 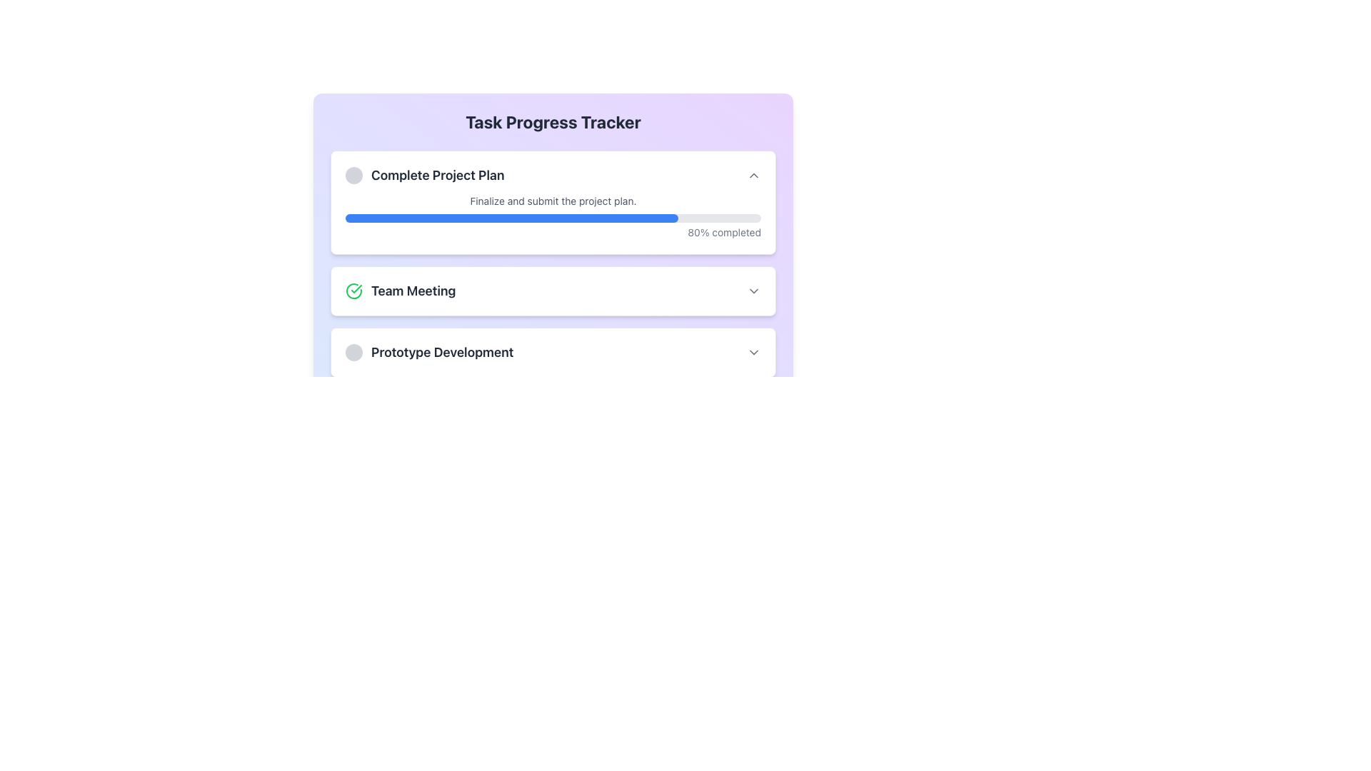 I want to click on the downwards chevron icon at the far-right edge of the 'Team Meeting' entry, so click(x=753, y=291).